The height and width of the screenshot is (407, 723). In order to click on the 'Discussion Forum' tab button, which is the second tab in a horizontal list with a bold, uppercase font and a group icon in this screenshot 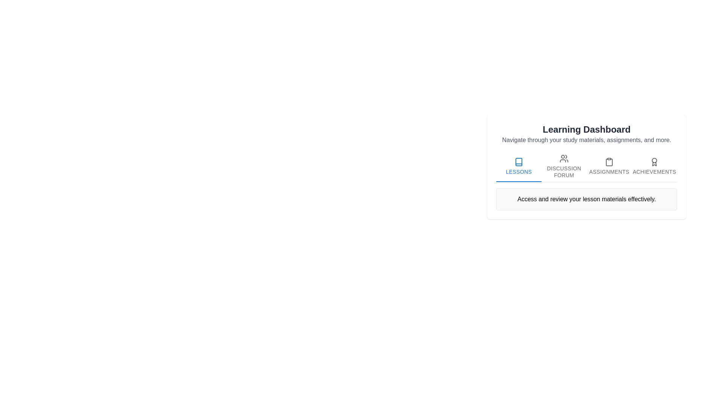, I will do `click(564, 165)`.